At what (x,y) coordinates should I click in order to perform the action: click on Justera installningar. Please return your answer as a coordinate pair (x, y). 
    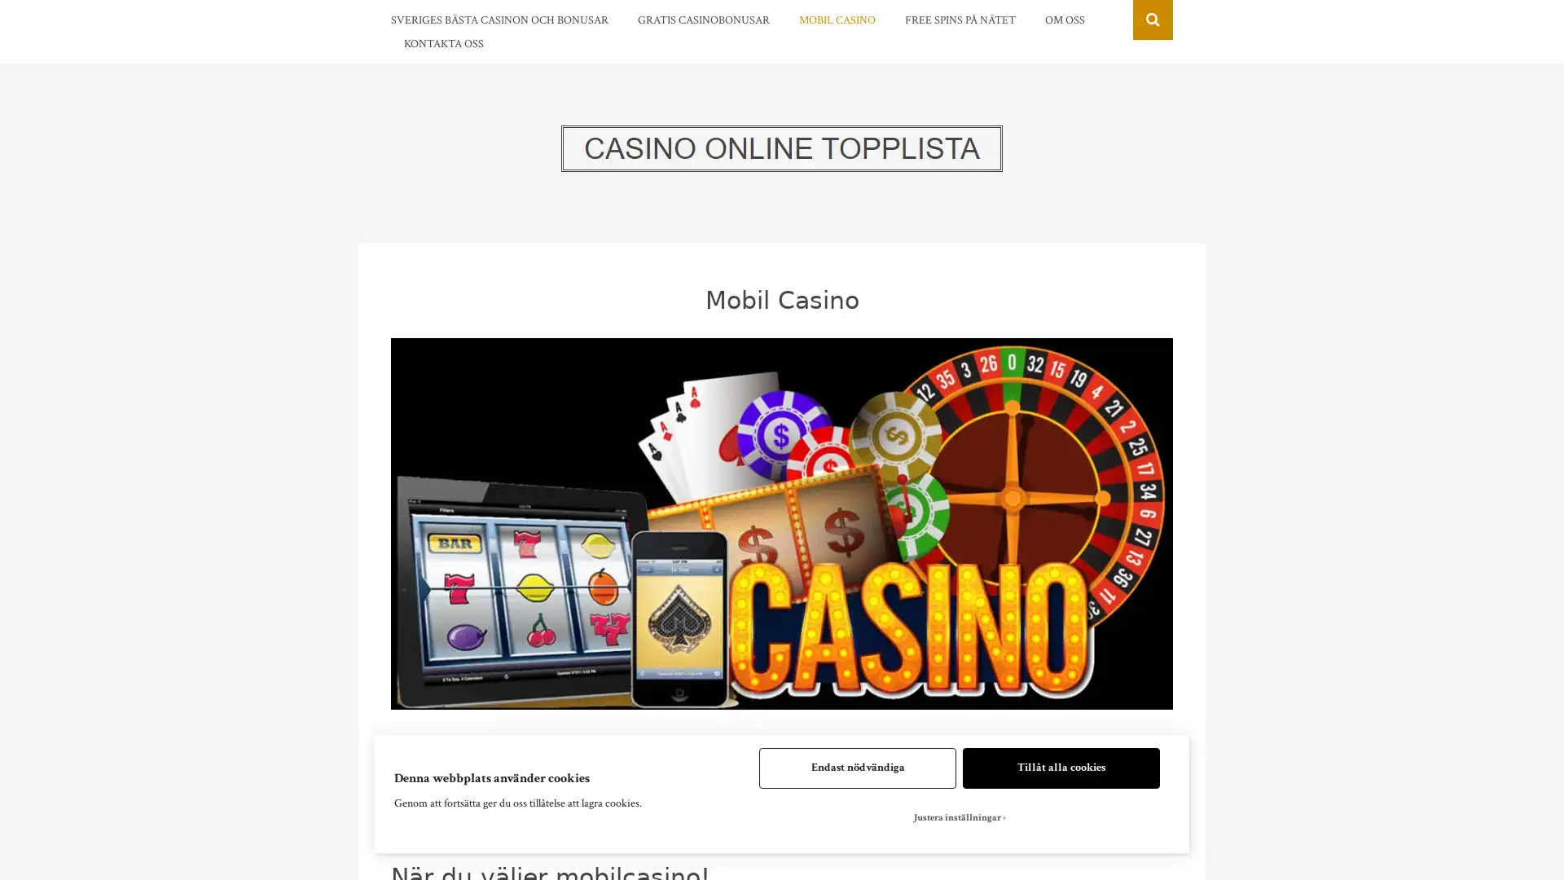
    Looking at the image, I should click on (959, 817).